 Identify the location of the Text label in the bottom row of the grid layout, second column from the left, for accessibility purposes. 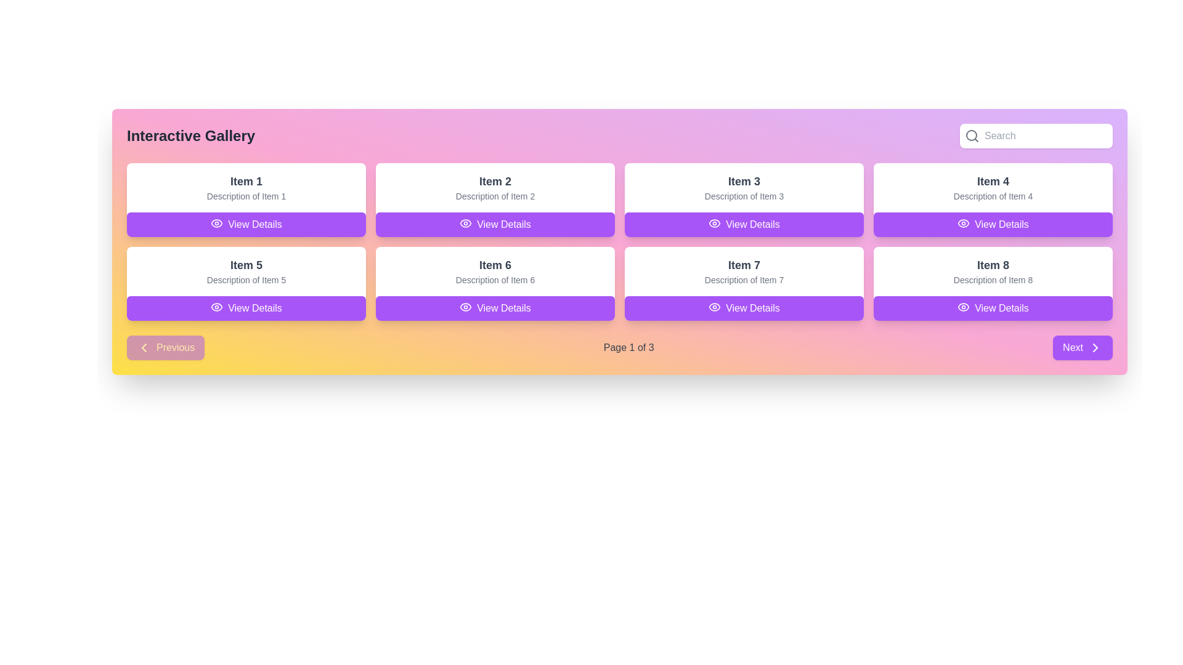
(744, 265).